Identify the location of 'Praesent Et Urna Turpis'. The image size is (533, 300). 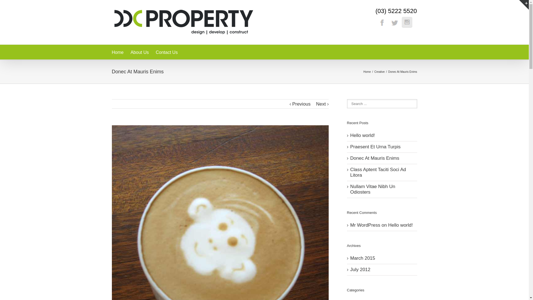
(375, 146).